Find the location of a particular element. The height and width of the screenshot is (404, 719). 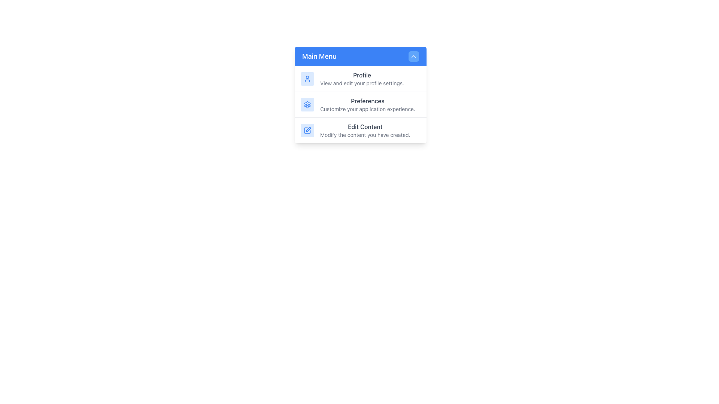

the icon with a blue background and a pen-like symbol located at the far left of the 'Edit Content' option in the vertical menu is located at coordinates (307, 130).